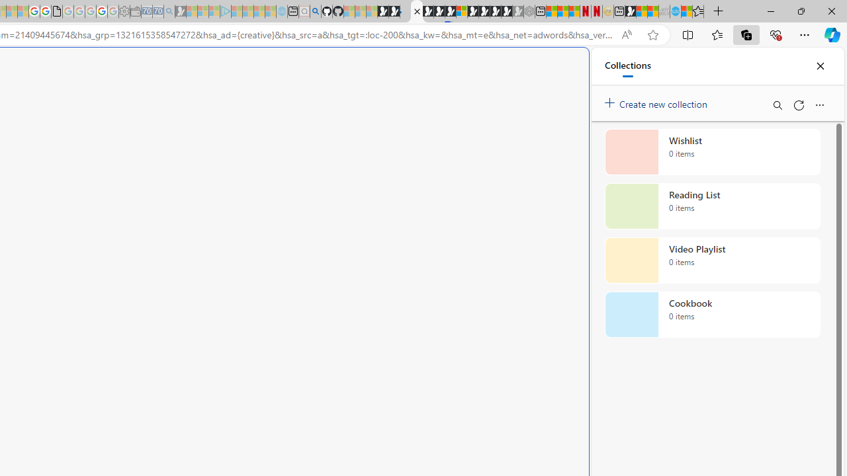 The height and width of the screenshot is (476, 847). What do you see at coordinates (712, 260) in the screenshot?
I see `'Video Playlist collection, 0 items'` at bounding box center [712, 260].